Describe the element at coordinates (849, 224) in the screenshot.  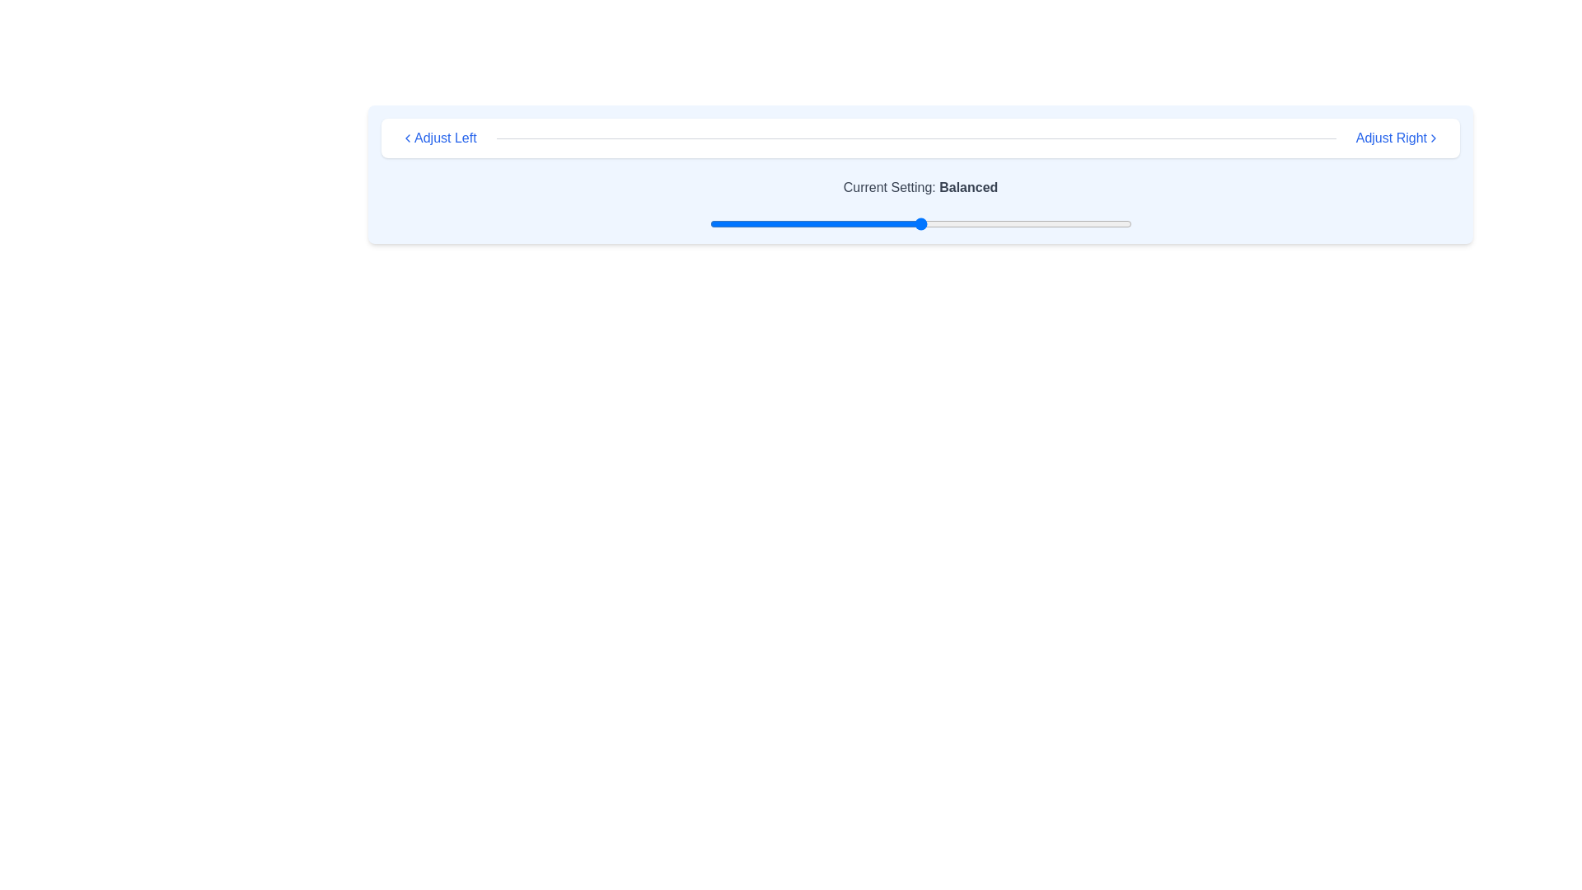
I see `the slider` at that location.